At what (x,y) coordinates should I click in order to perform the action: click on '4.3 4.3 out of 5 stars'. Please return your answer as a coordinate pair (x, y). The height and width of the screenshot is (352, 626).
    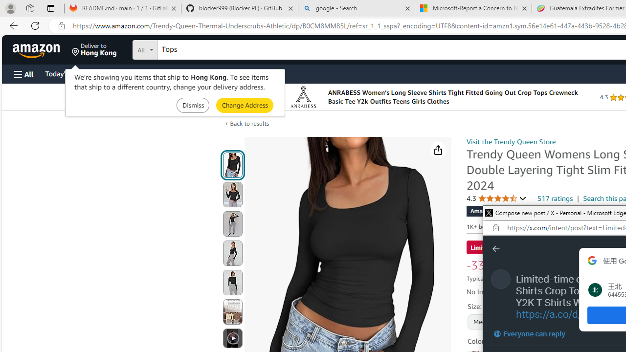
    Looking at the image, I should click on (496, 198).